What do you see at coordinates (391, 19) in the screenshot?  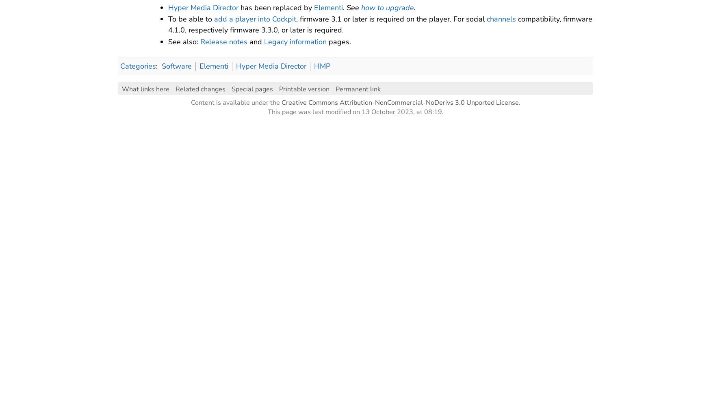 I see `', firmware 3.1 or later is required on the player. For social'` at bounding box center [391, 19].